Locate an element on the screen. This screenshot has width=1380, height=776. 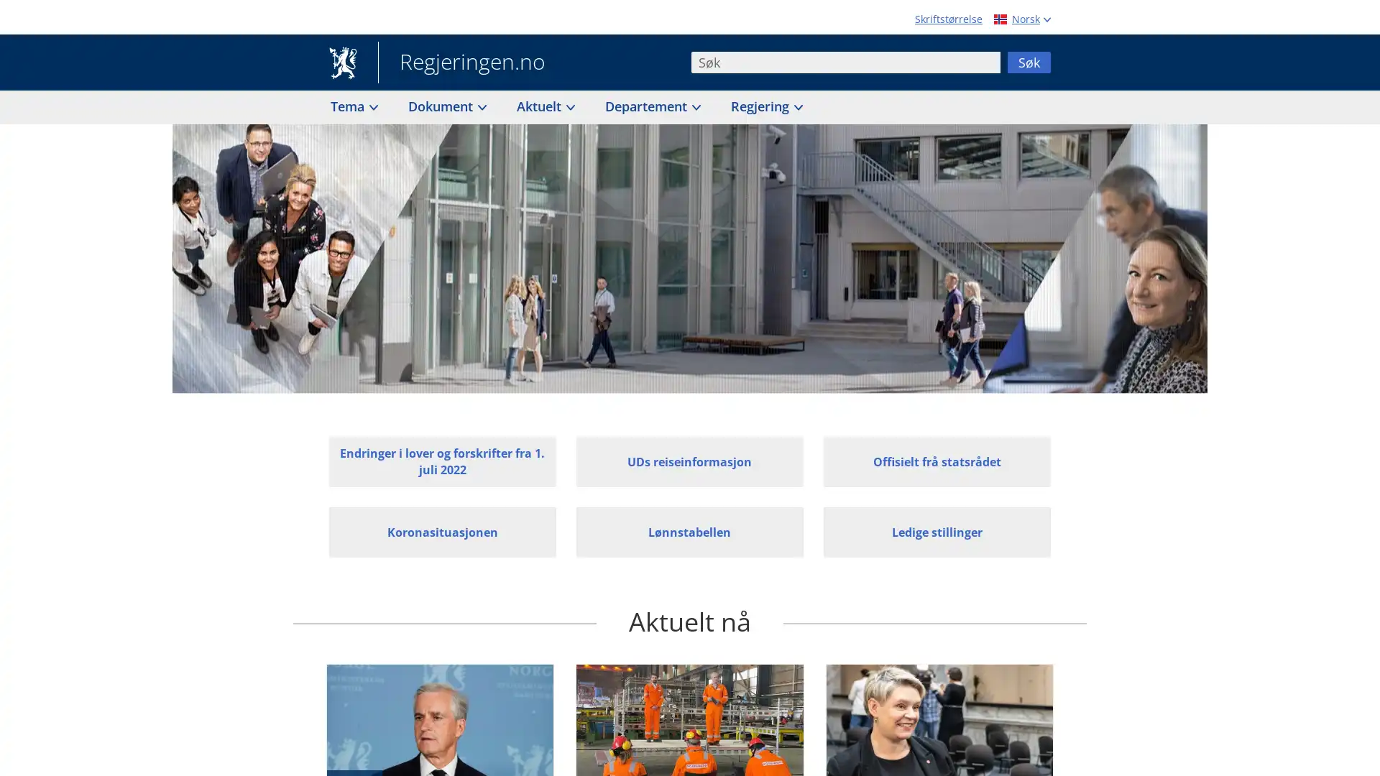
Dokument is located at coordinates (446, 106).